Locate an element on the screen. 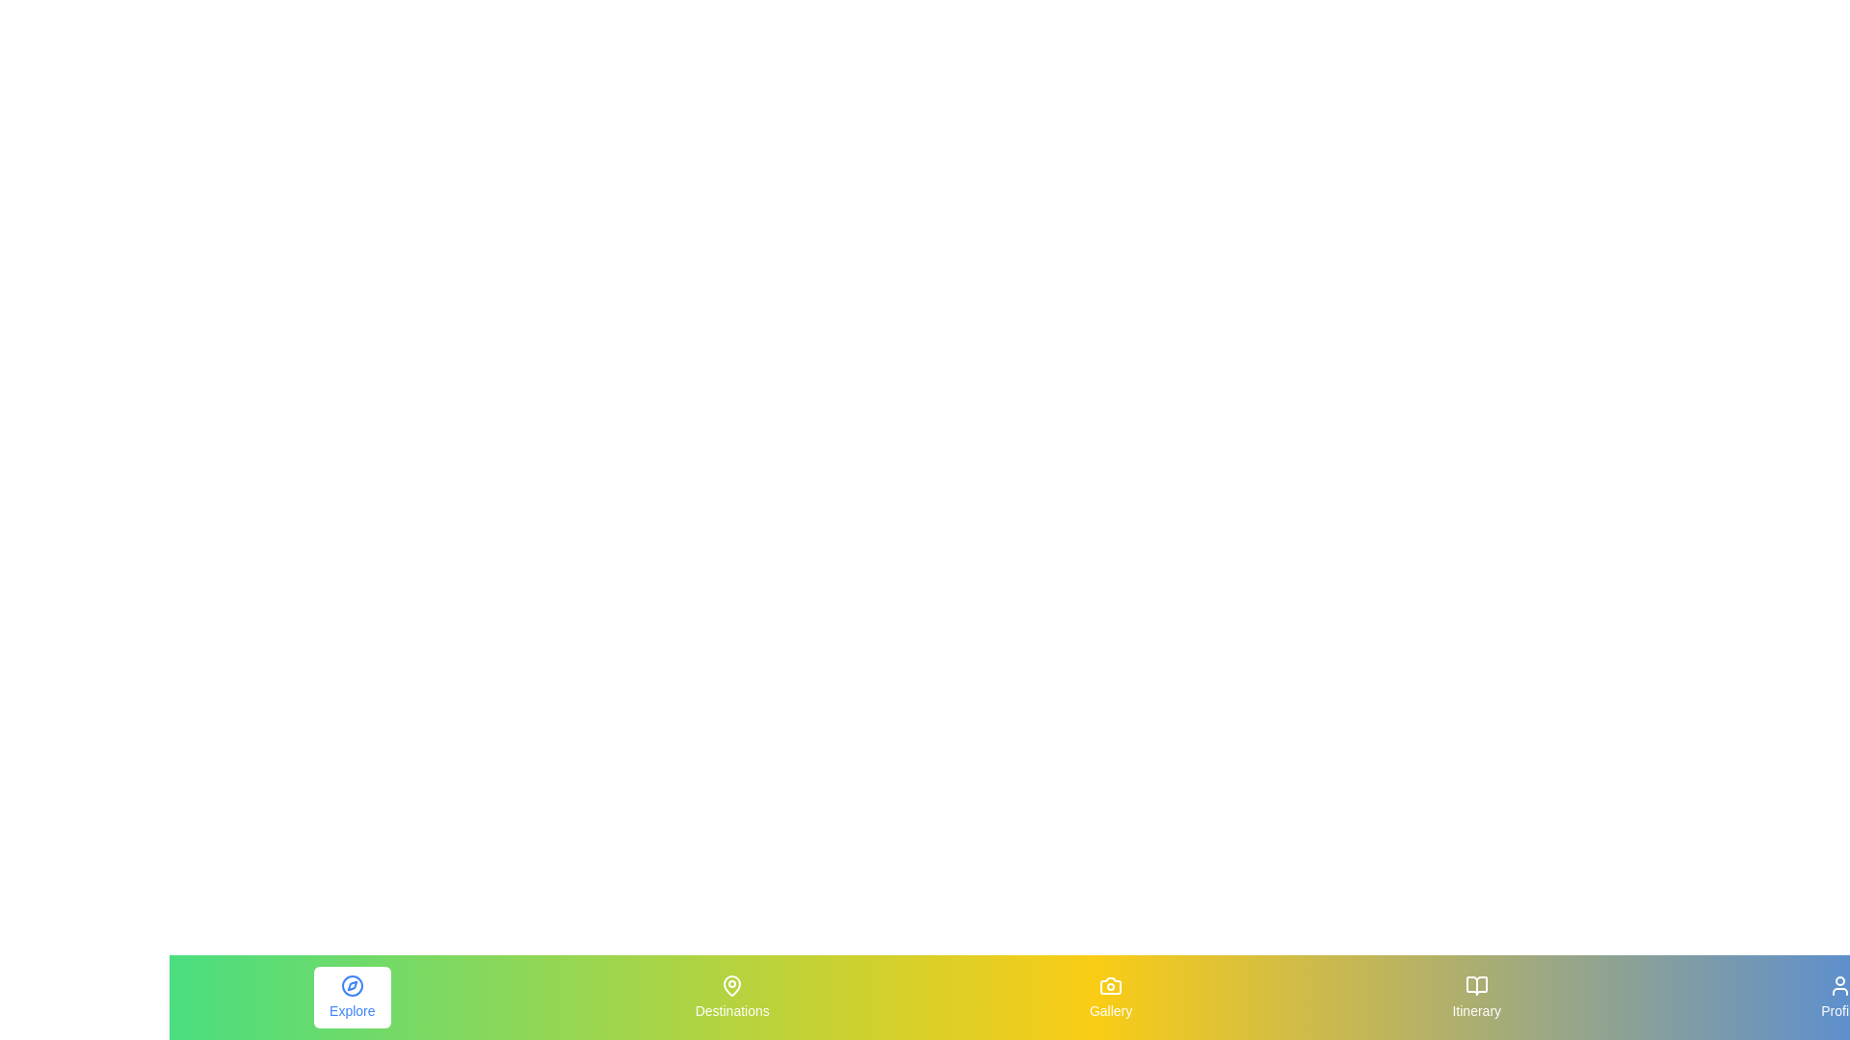 The height and width of the screenshot is (1040, 1850). the Gallery tab by clicking on its respective icon or label is located at coordinates (1111, 997).